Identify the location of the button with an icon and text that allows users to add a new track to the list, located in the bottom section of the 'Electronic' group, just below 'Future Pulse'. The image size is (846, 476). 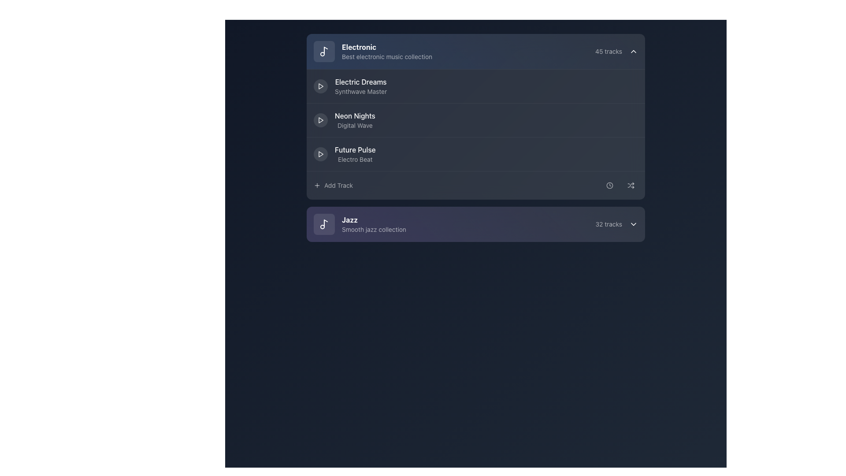
(333, 185).